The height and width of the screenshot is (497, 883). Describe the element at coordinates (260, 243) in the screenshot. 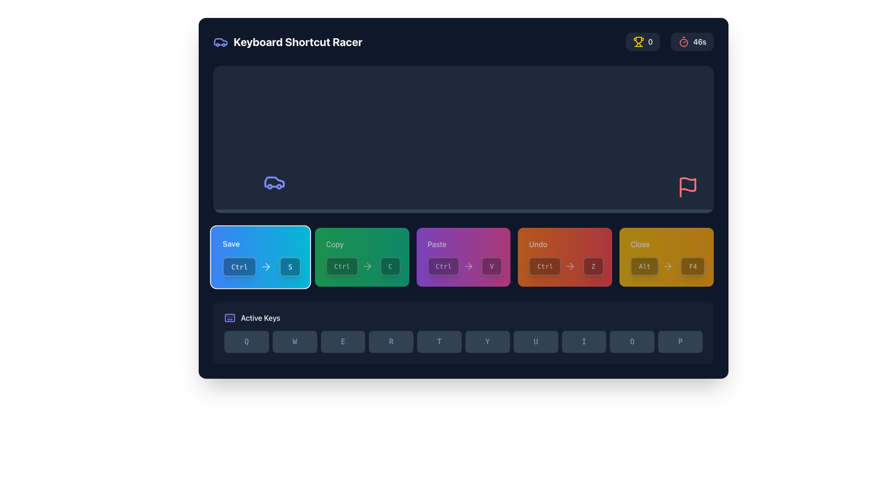

I see `the 'Save' button located at the bottom left of the main interface, which is the first in a row of shortcut buttons including 'Copy', 'Paste', 'Undo', and 'Close'` at that location.